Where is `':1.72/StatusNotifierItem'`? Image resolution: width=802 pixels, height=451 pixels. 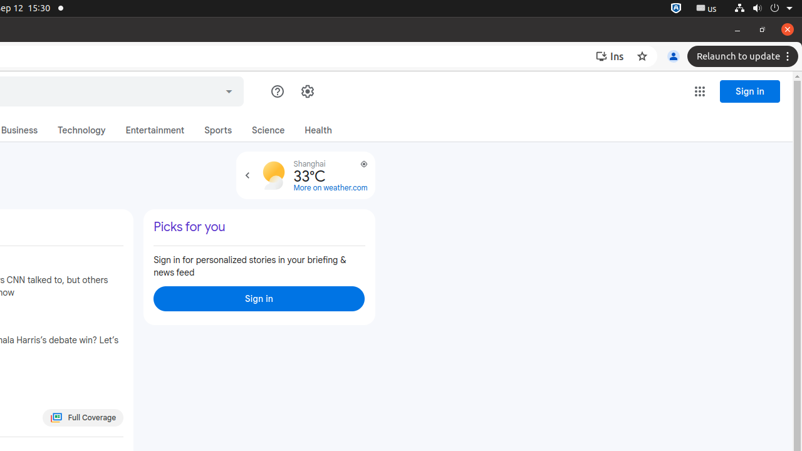 ':1.72/StatusNotifierItem' is located at coordinates (675, 8).